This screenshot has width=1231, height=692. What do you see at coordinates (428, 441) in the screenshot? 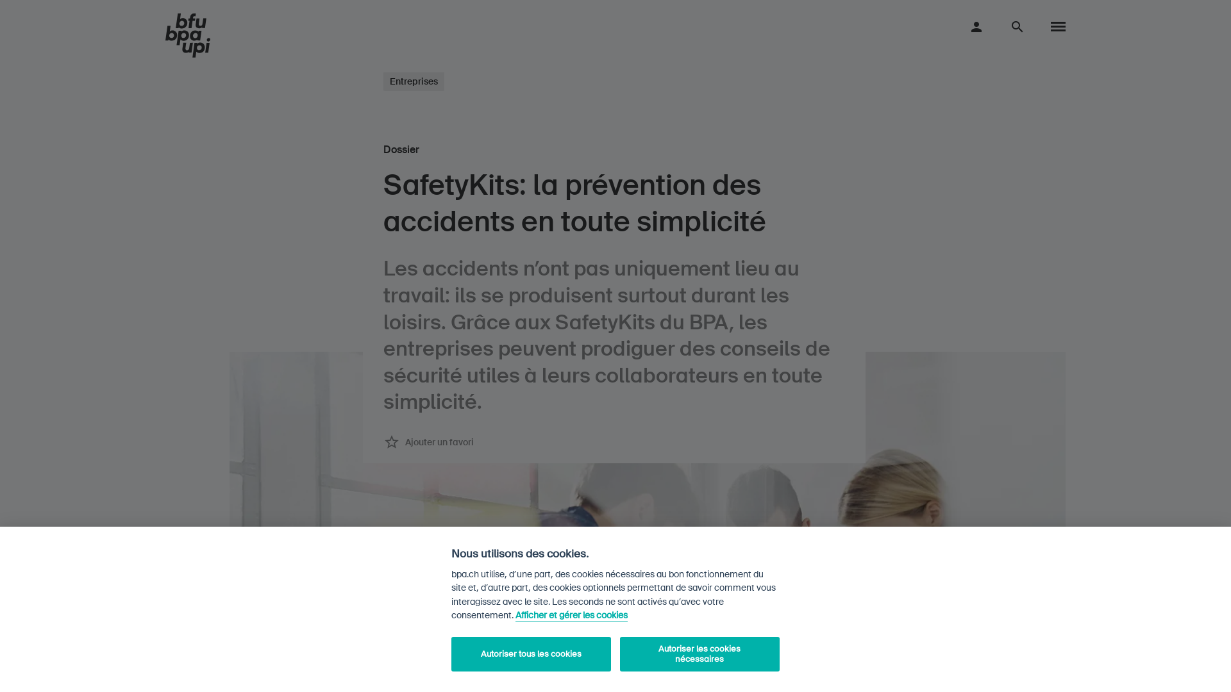
I see `'star_border` at bounding box center [428, 441].